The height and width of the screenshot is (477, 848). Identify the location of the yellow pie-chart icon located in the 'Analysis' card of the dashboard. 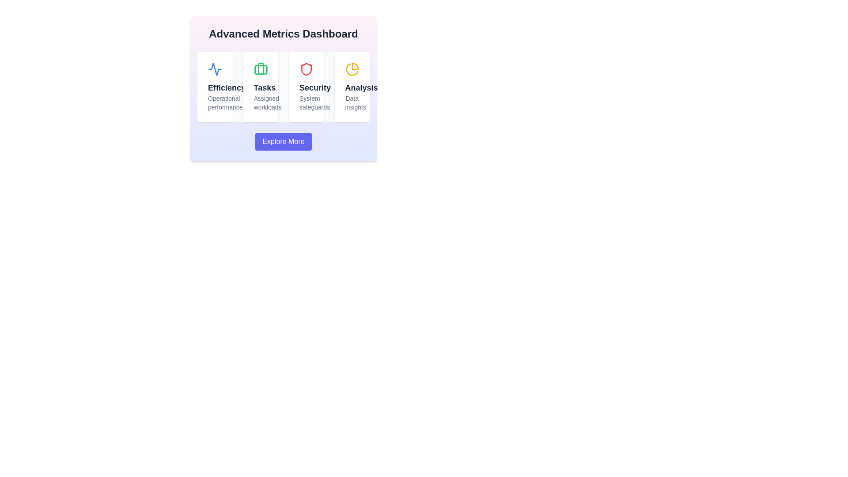
(352, 69).